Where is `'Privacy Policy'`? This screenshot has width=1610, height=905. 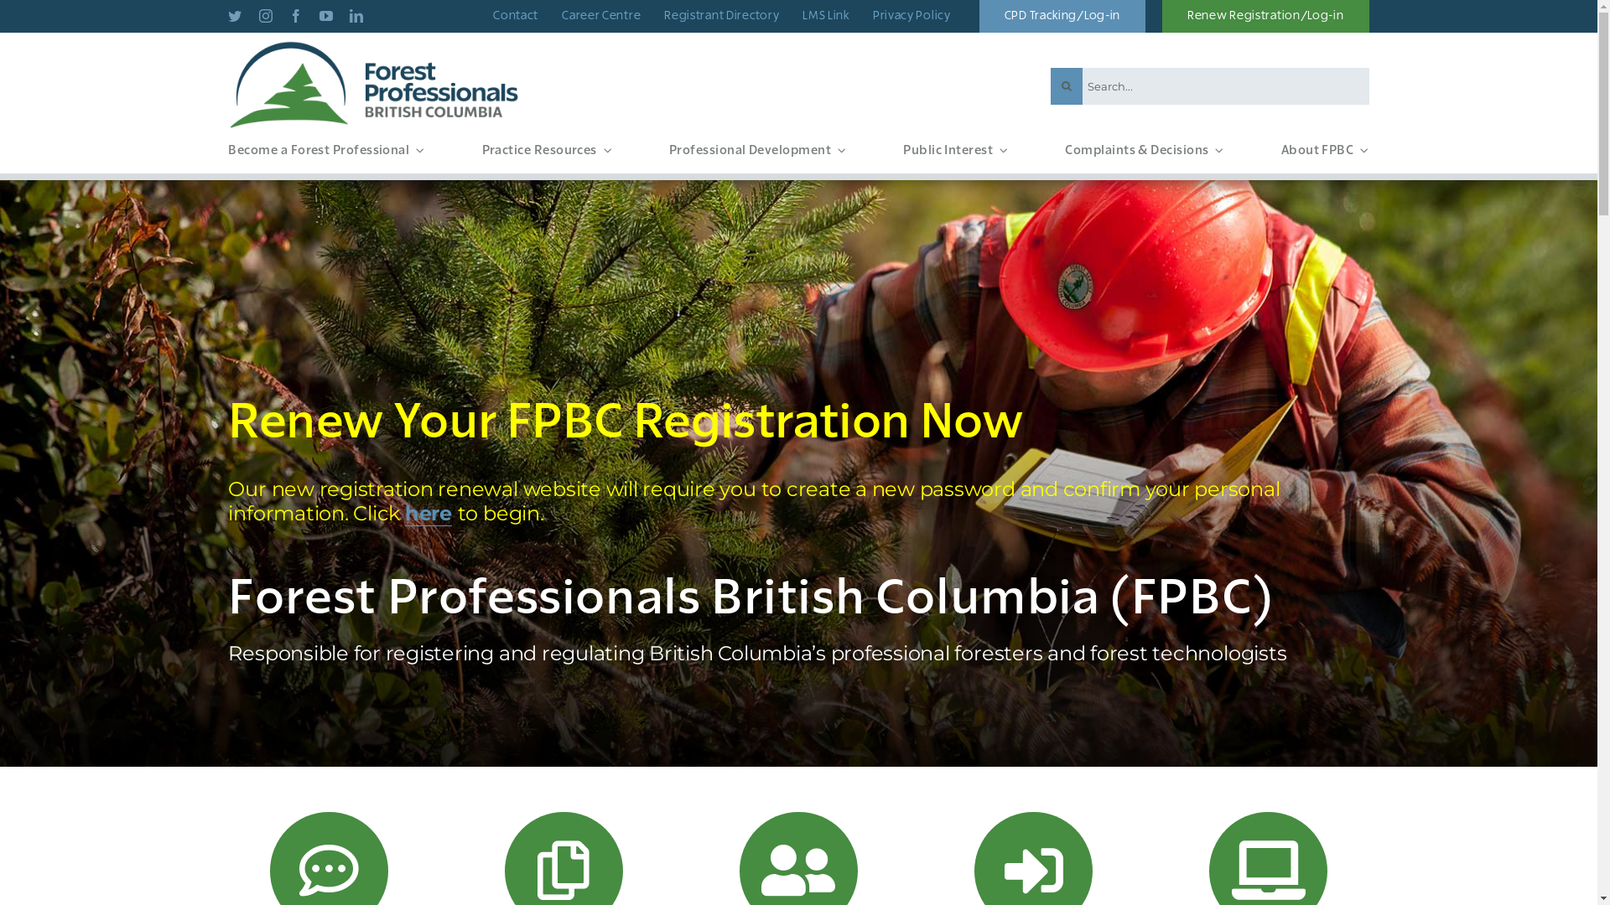 'Privacy Policy' is located at coordinates (911, 16).